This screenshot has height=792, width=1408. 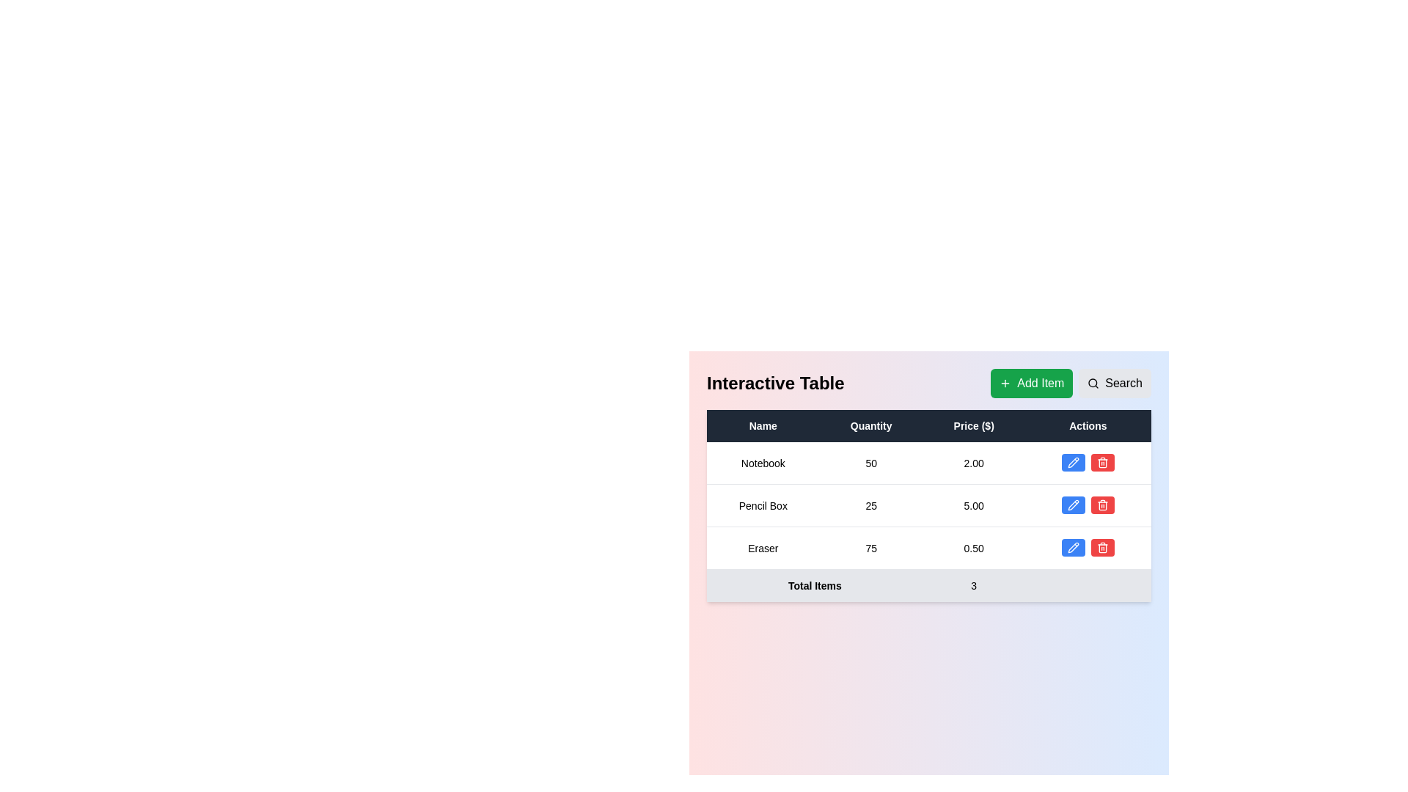 I want to click on the pencil icon in the second row of the 'Actions' column, adjacent to the 'Pencil Box' row, to initiate editing, so click(x=1073, y=463).